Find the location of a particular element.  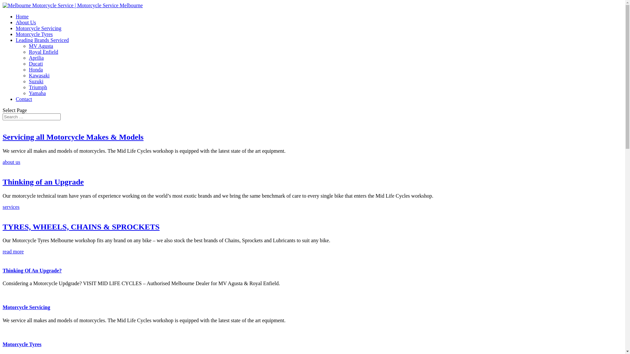

'MV Agusta' is located at coordinates (40, 46).